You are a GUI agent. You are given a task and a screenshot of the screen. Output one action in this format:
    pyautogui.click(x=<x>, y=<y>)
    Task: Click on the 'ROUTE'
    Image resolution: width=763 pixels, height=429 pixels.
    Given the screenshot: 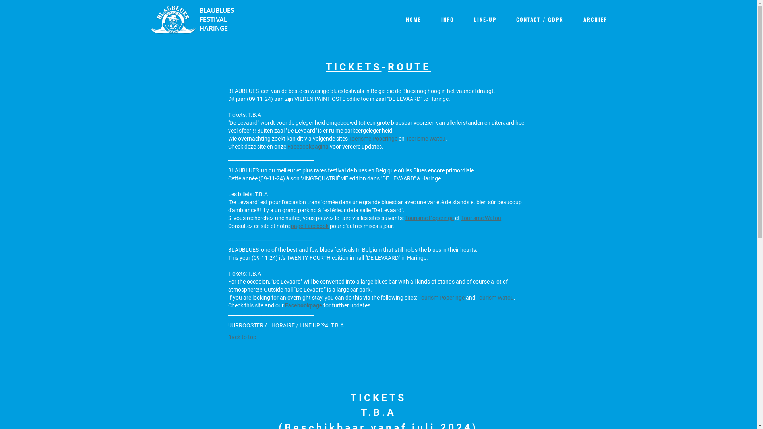 What is the action you would take?
    pyautogui.click(x=409, y=66)
    